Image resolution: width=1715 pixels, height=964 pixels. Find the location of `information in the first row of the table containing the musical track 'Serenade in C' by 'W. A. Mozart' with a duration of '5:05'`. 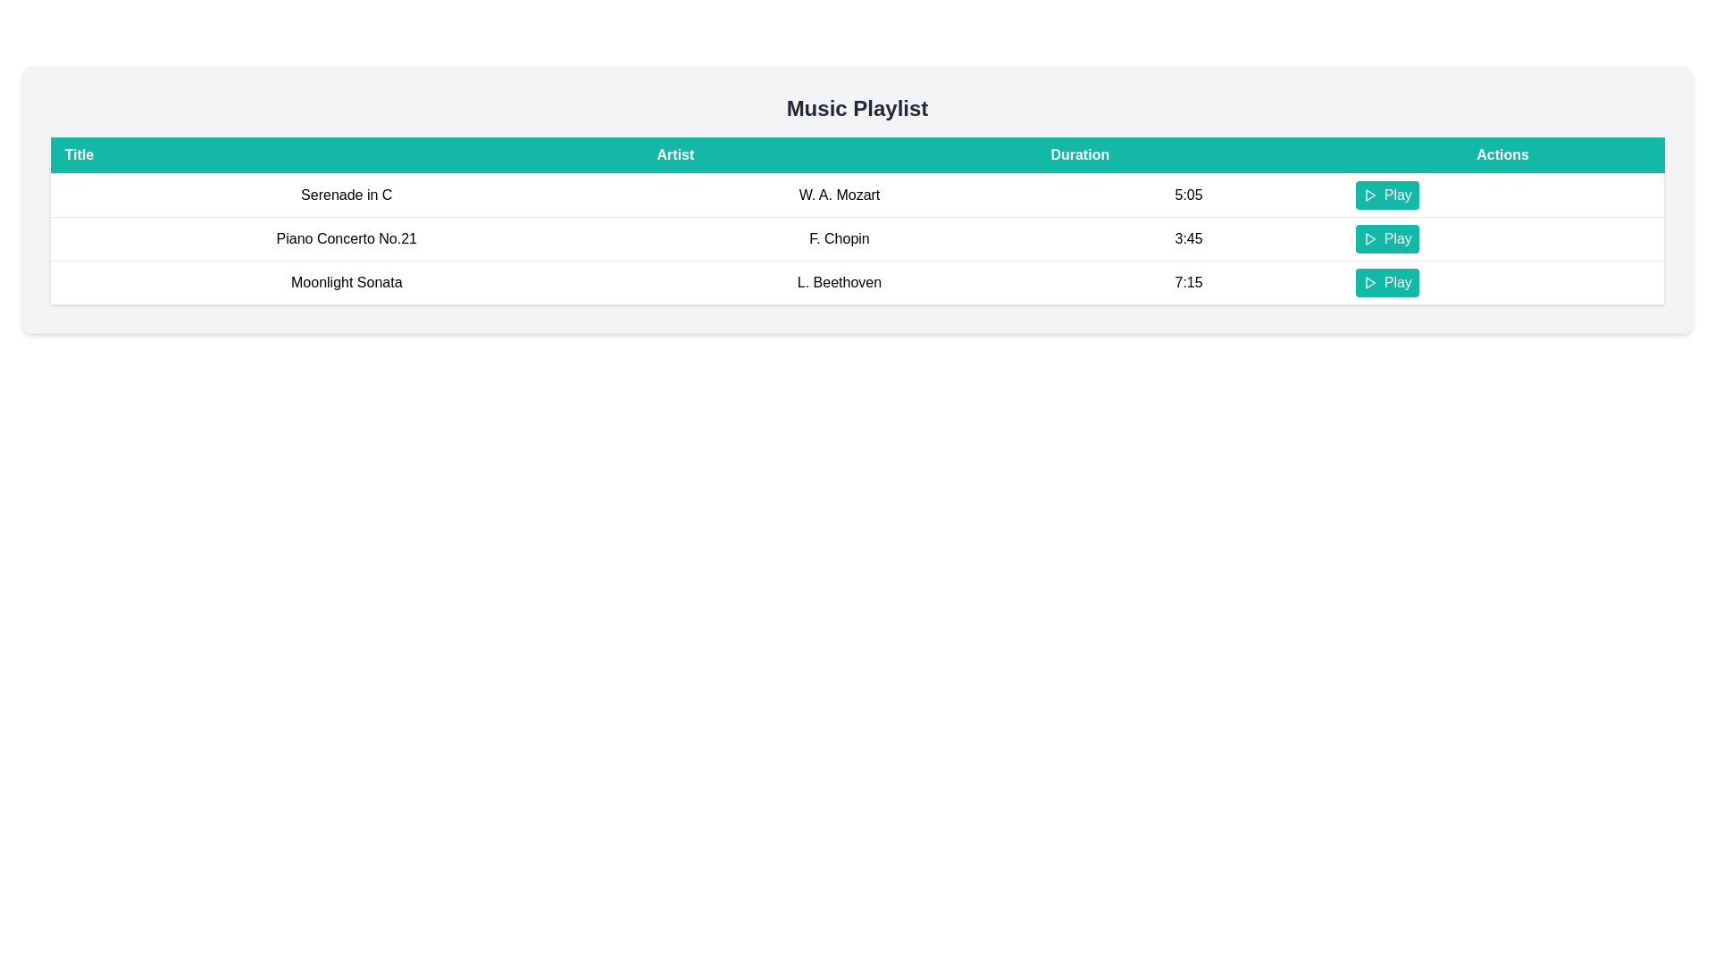

information in the first row of the table containing the musical track 'Serenade in C' by 'W. A. Mozart' with a duration of '5:05' is located at coordinates (857, 195).